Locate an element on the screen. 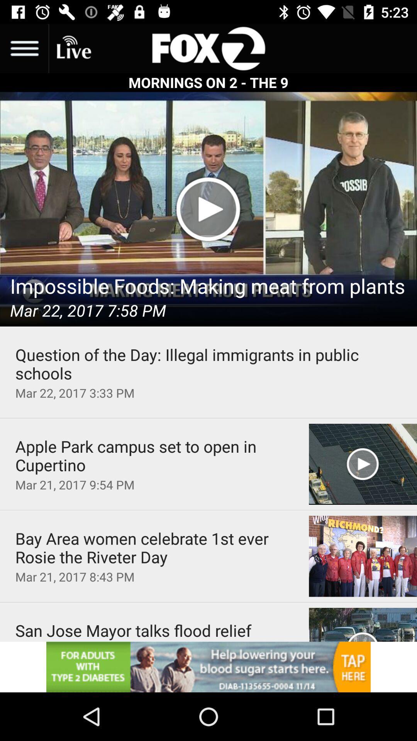  the menu icon is located at coordinates (24, 48).